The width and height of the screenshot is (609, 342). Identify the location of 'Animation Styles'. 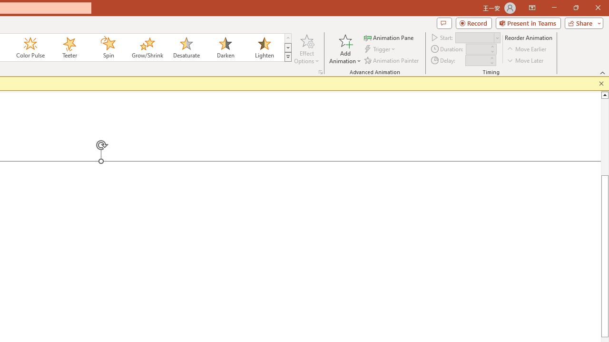
(287, 57).